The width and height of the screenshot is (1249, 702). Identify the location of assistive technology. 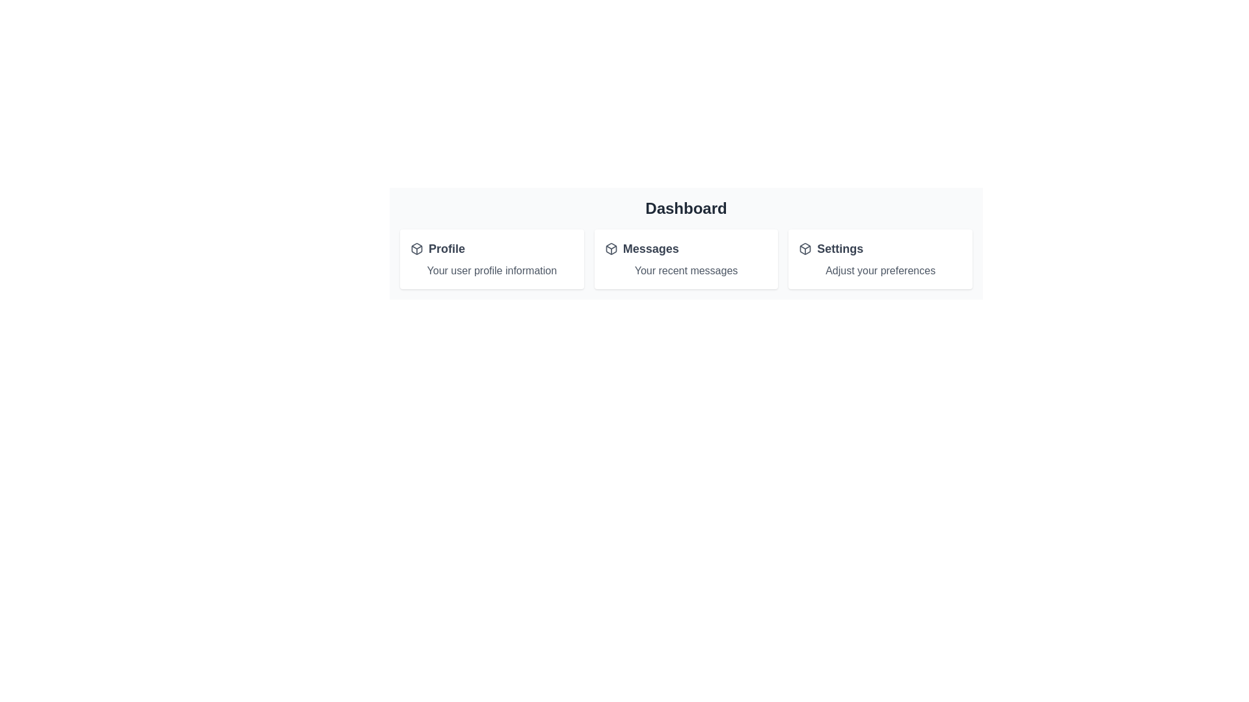
(446, 248).